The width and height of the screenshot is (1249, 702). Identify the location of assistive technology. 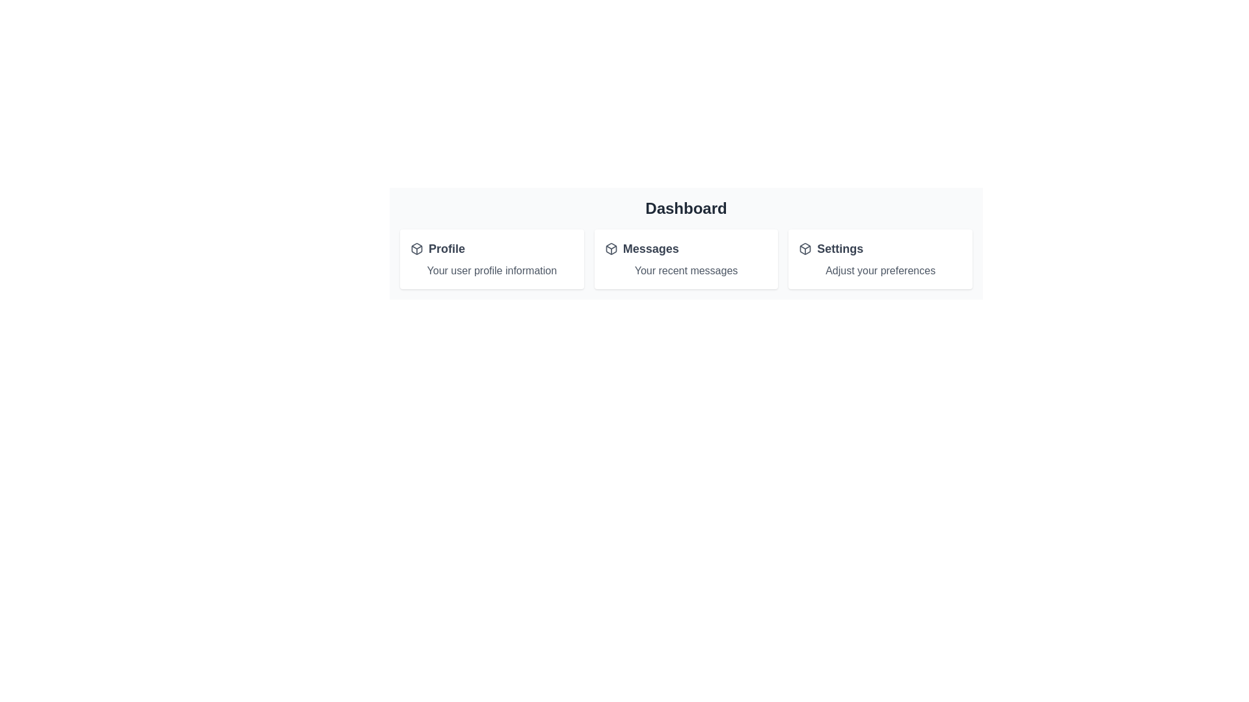
(446, 248).